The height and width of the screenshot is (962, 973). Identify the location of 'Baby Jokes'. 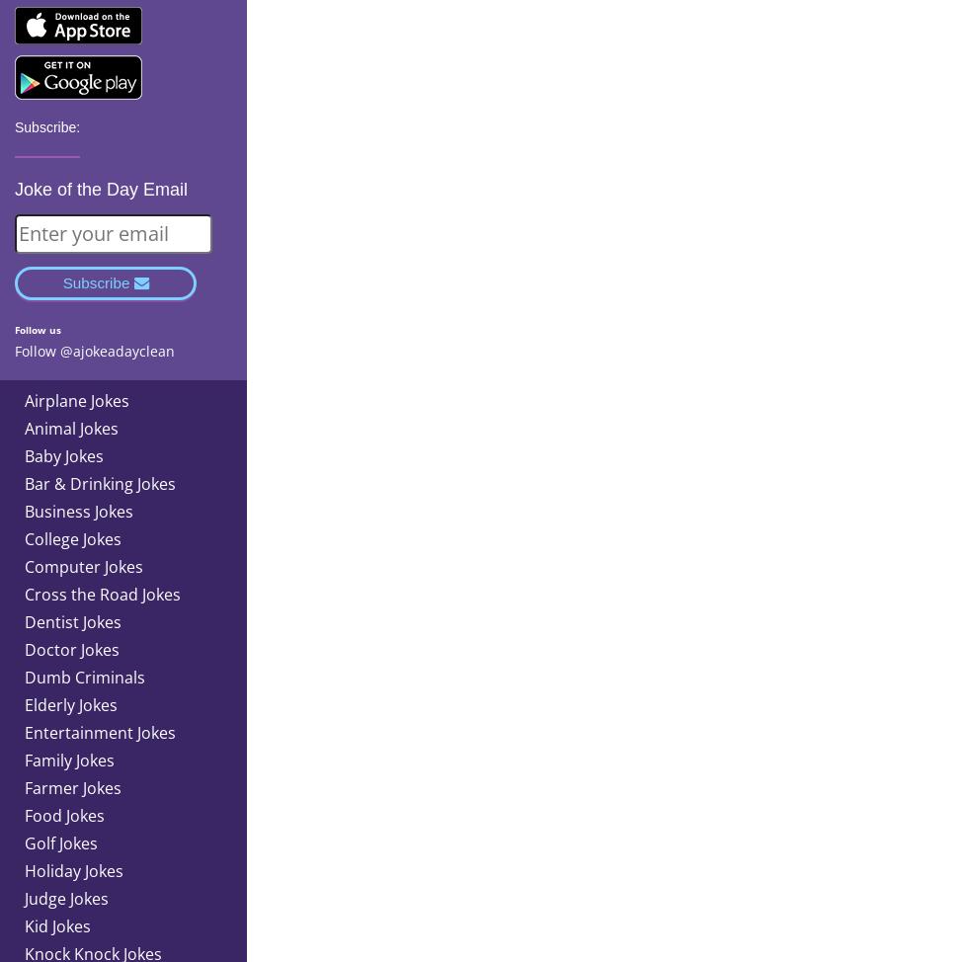
(63, 453).